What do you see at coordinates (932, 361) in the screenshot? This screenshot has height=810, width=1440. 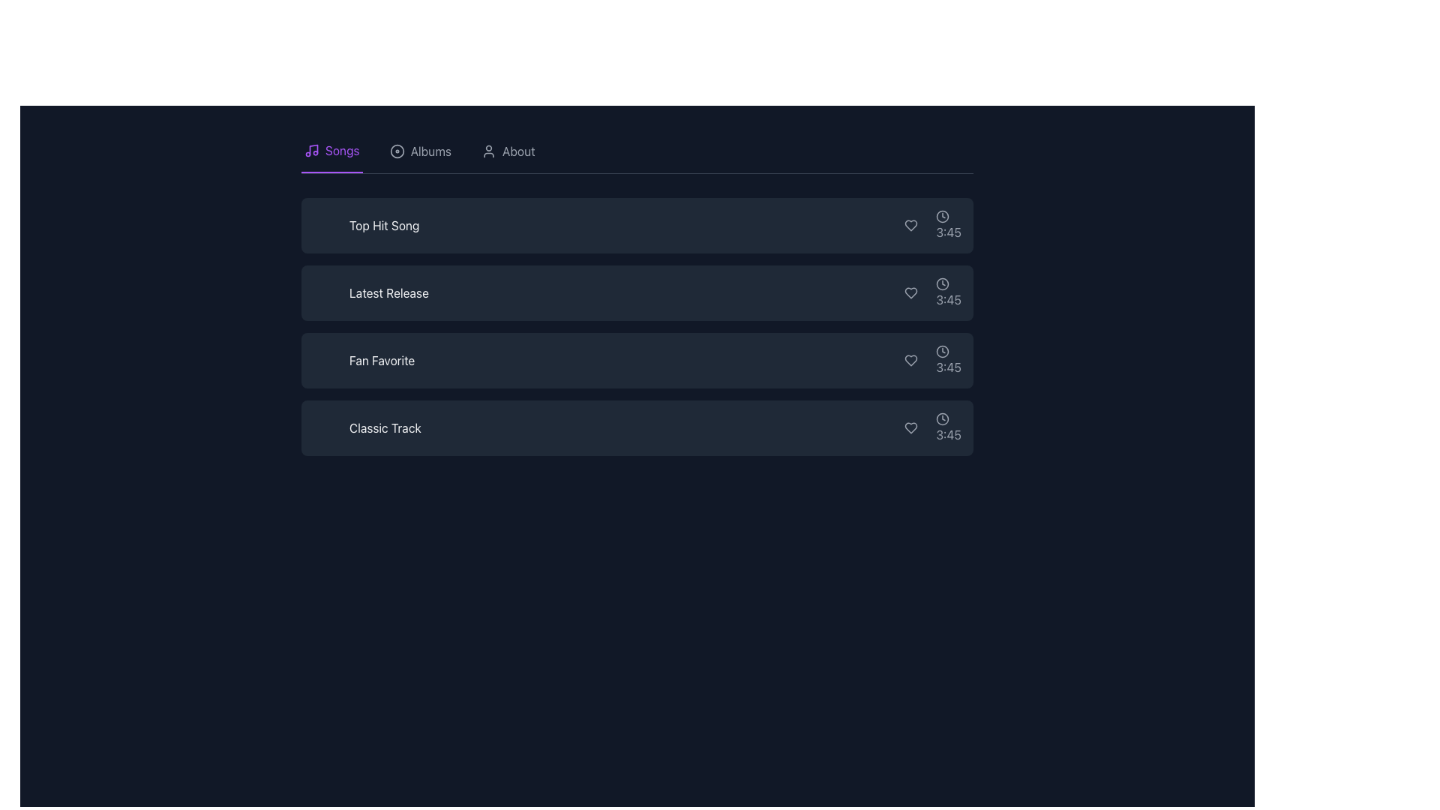 I see `the text label displaying the duration associated with the 'Fan Favorite' item, located in the third list item row towards the right end` at bounding box center [932, 361].